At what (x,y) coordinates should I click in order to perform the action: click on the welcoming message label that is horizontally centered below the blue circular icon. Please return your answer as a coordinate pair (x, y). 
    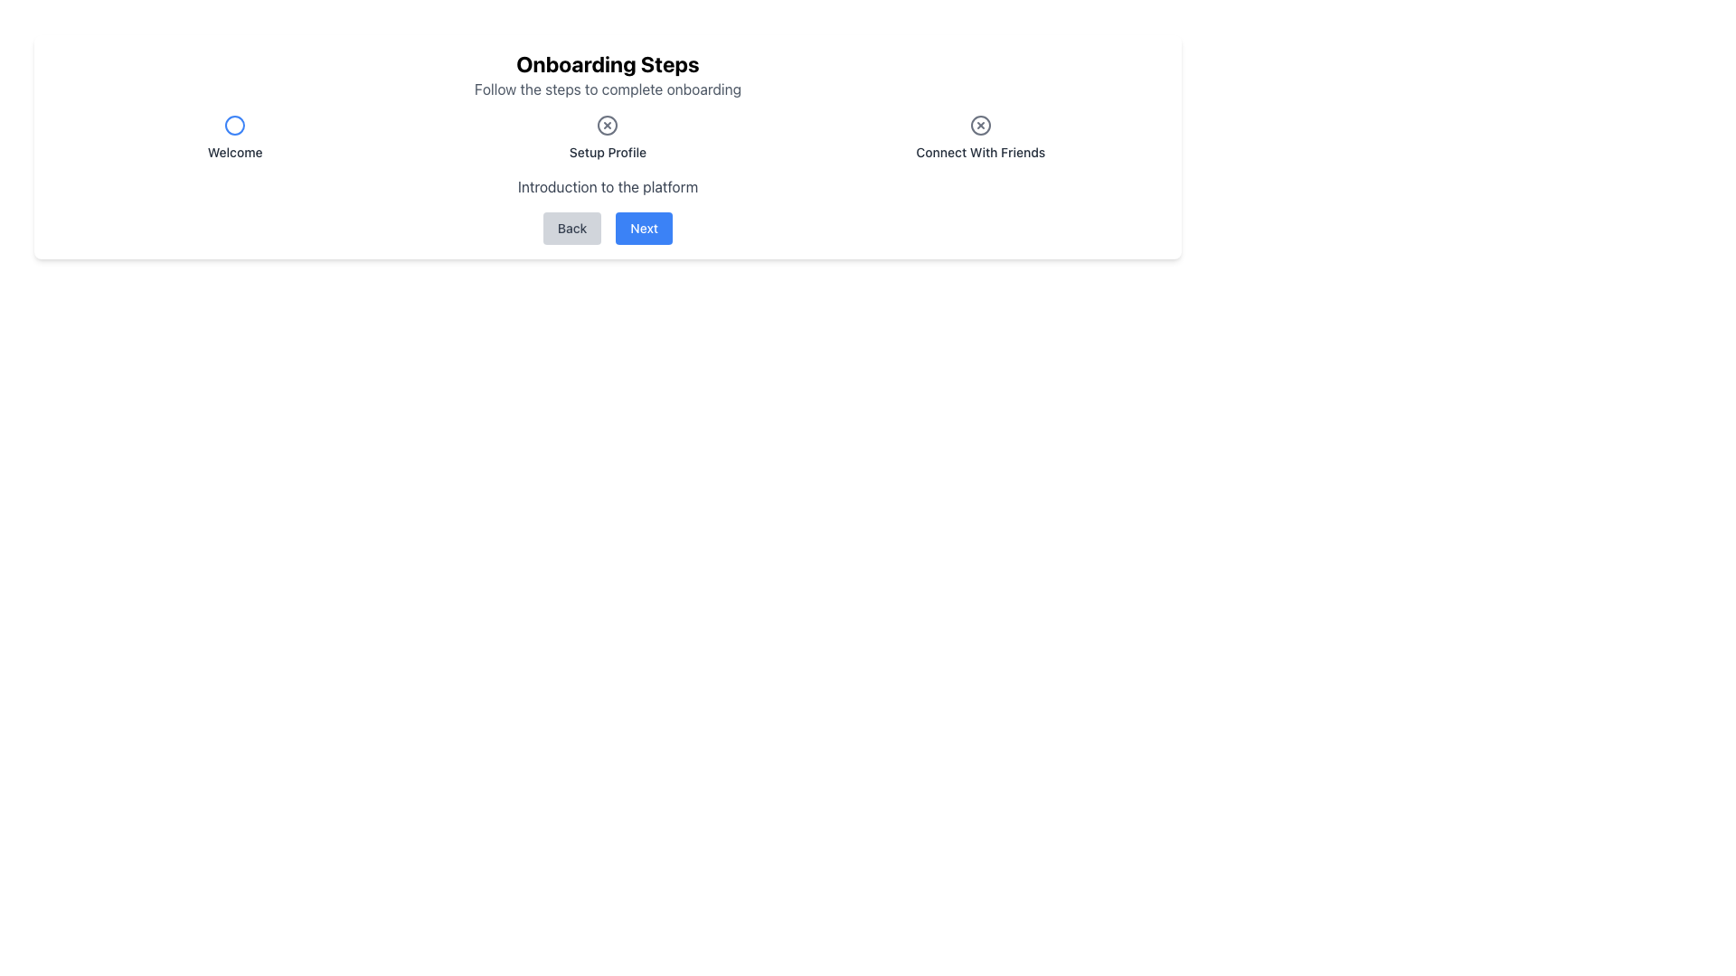
    Looking at the image, I should click on (234, 152).